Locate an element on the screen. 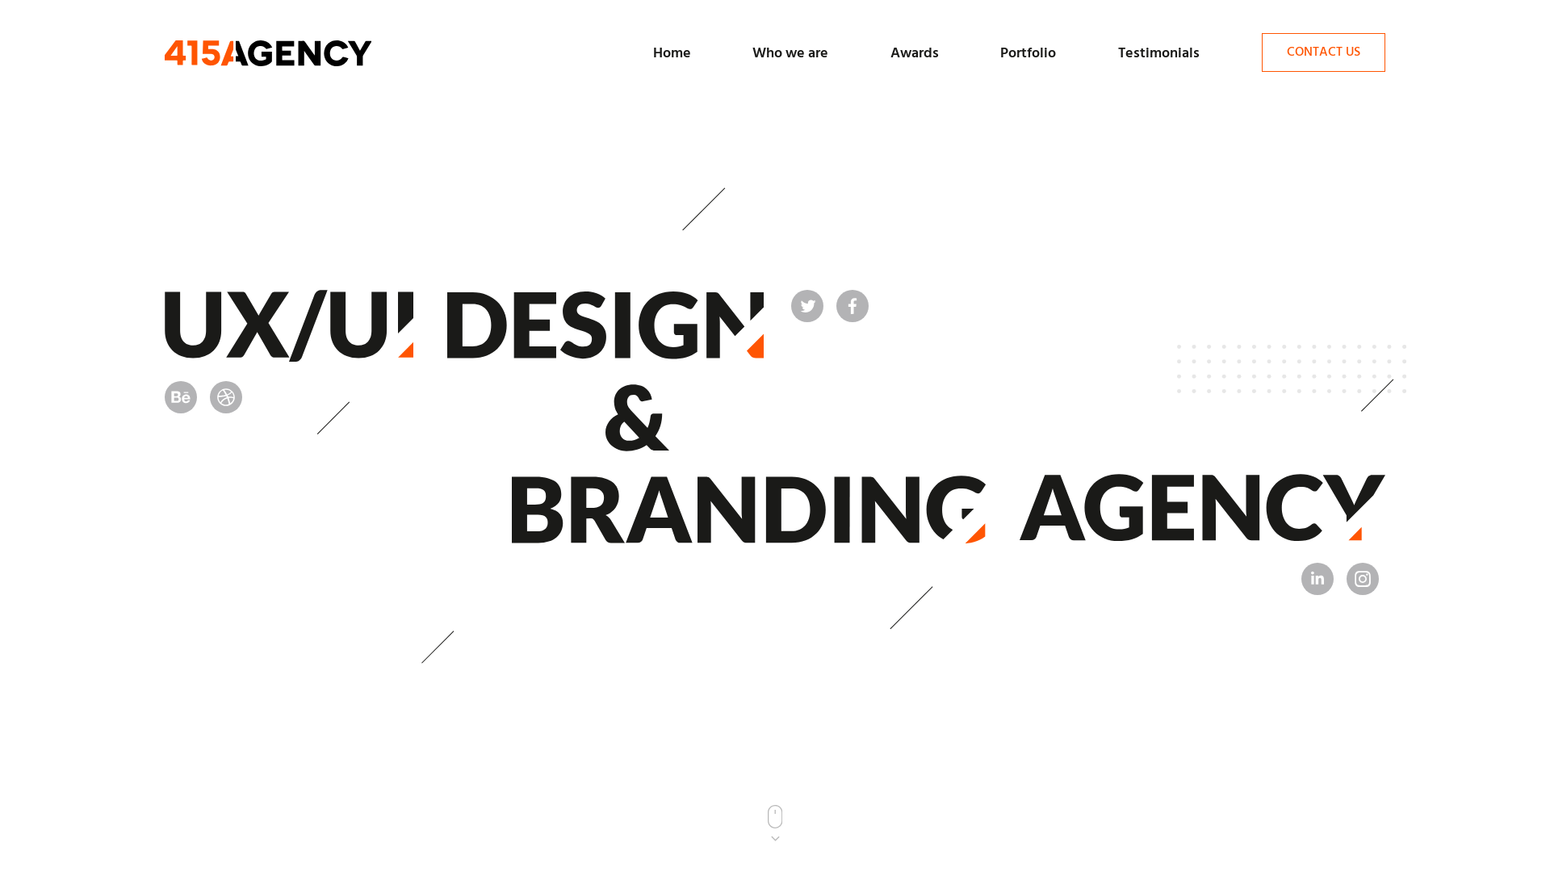 The height and width of the screenshot is (872, 1550). 'Awards' is located at coordinates (914, 52).